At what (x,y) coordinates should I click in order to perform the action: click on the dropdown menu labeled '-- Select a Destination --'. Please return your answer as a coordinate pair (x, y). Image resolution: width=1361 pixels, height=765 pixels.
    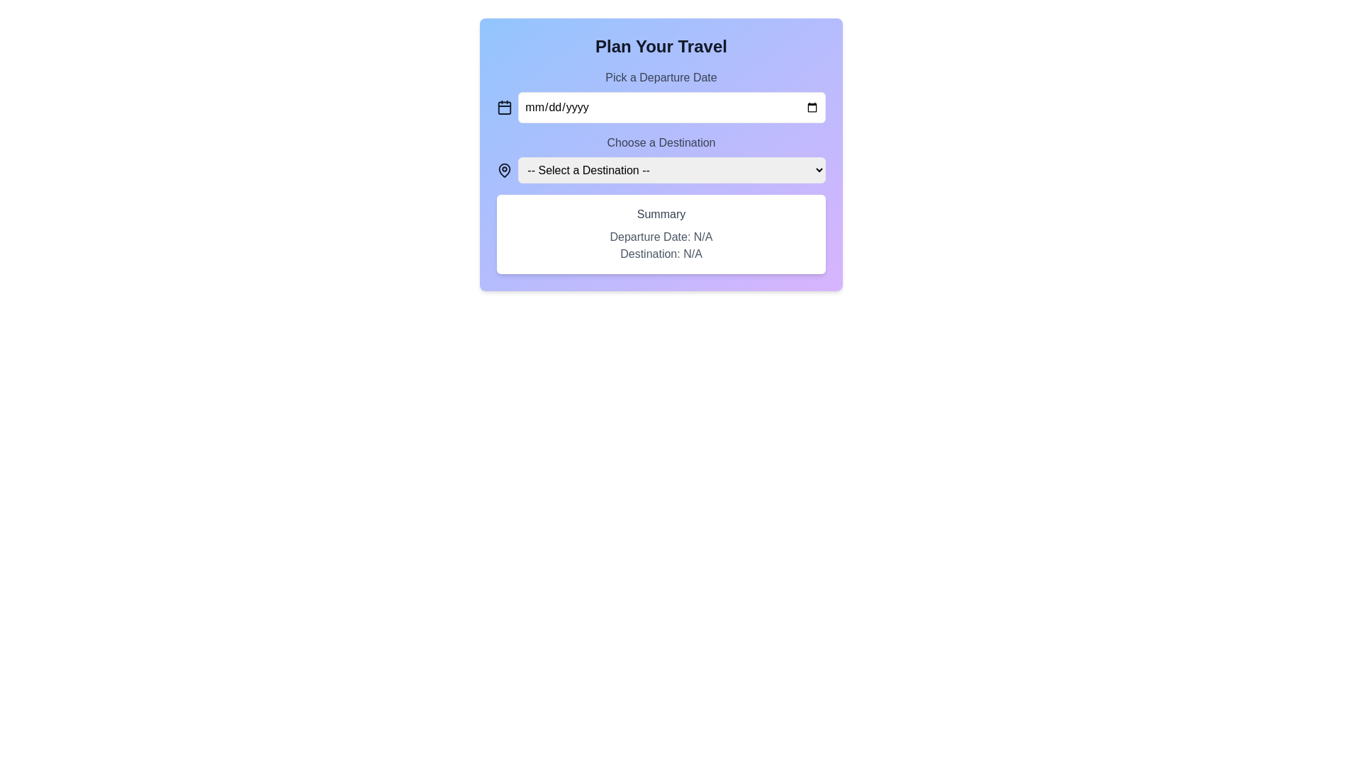
    Looking at the image, I should click on (660, 169).